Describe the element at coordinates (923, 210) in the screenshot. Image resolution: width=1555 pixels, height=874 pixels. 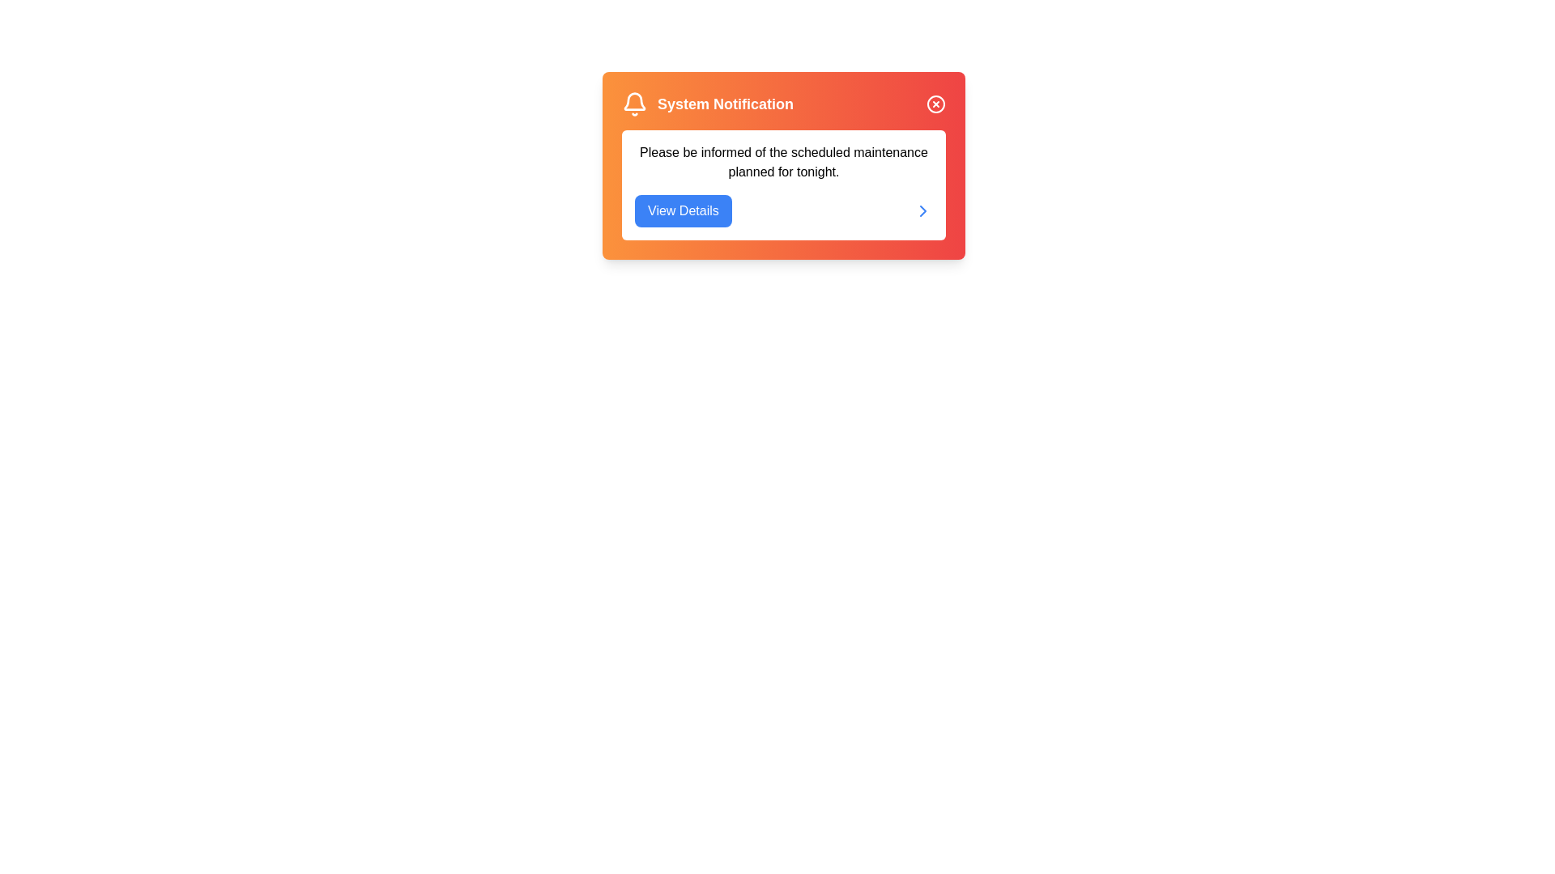
I see `the chevron icon to the right of the details button` at that location.